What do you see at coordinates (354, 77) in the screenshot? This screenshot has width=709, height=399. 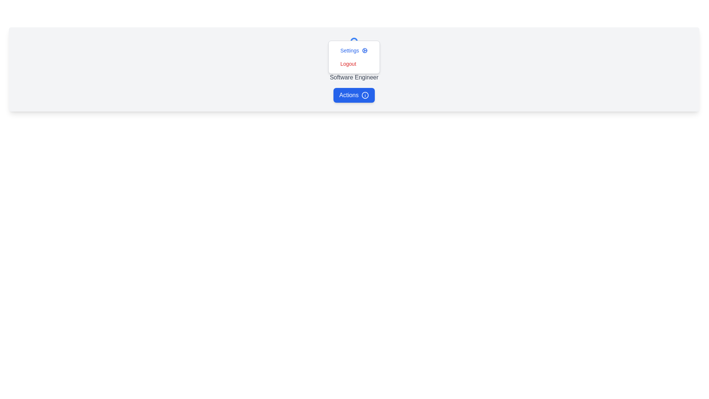 I see `the informational text label displaying the role or designation of the person, located below 'John Doe' and above the 'Actions' button` at bounding box center [354, 77].